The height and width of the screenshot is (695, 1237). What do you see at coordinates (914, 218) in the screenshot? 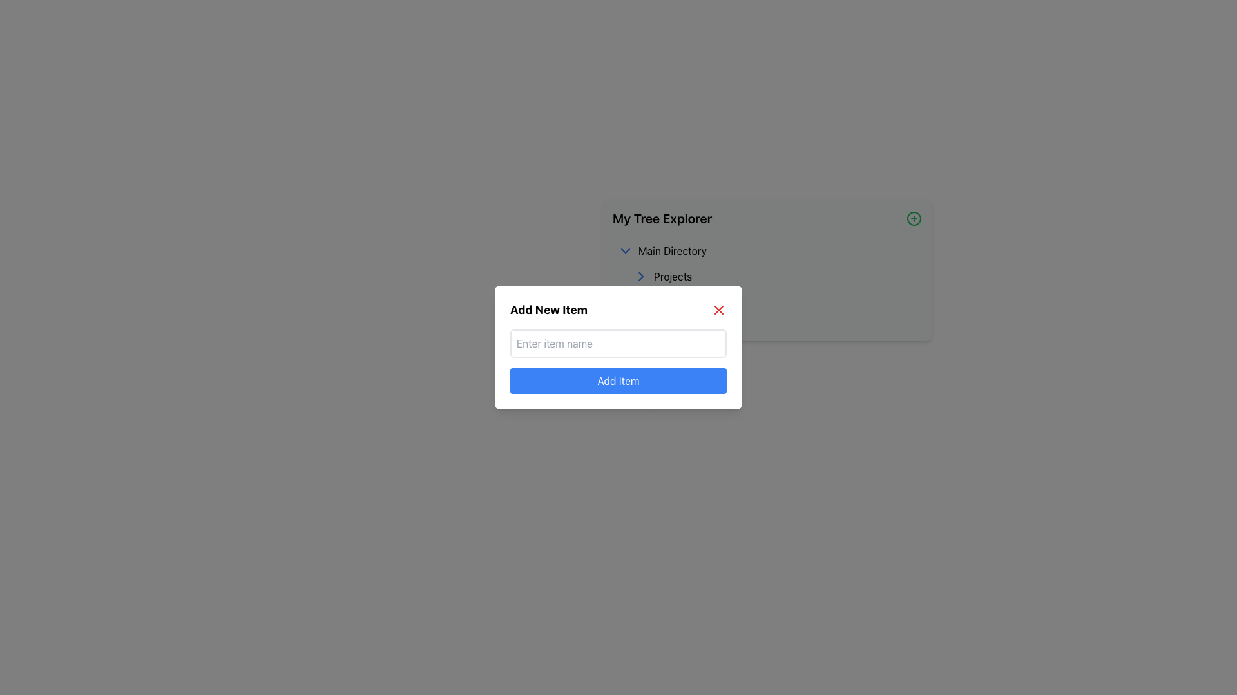
I see `the green circle button with a plus icon located at the top-right corner of the 'My Tree Explorer' section` at bounding box center [914, 218].